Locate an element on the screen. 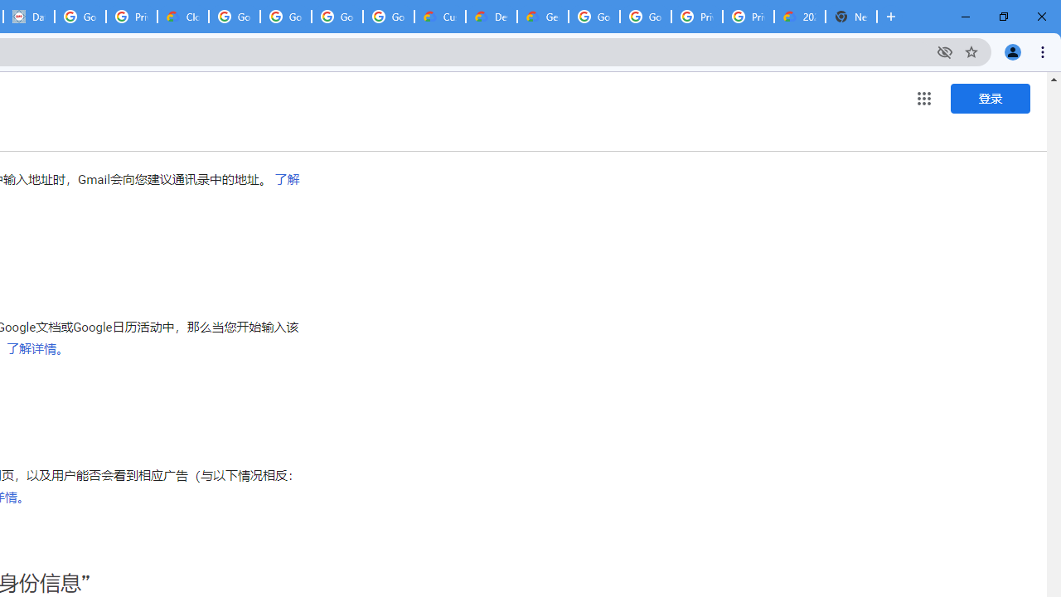 Image resolution: width=1061 pixels, height=597 pixels. 'Cloud Data Processing Addendum | Google Cloud' is located at coordinates (182, 17).